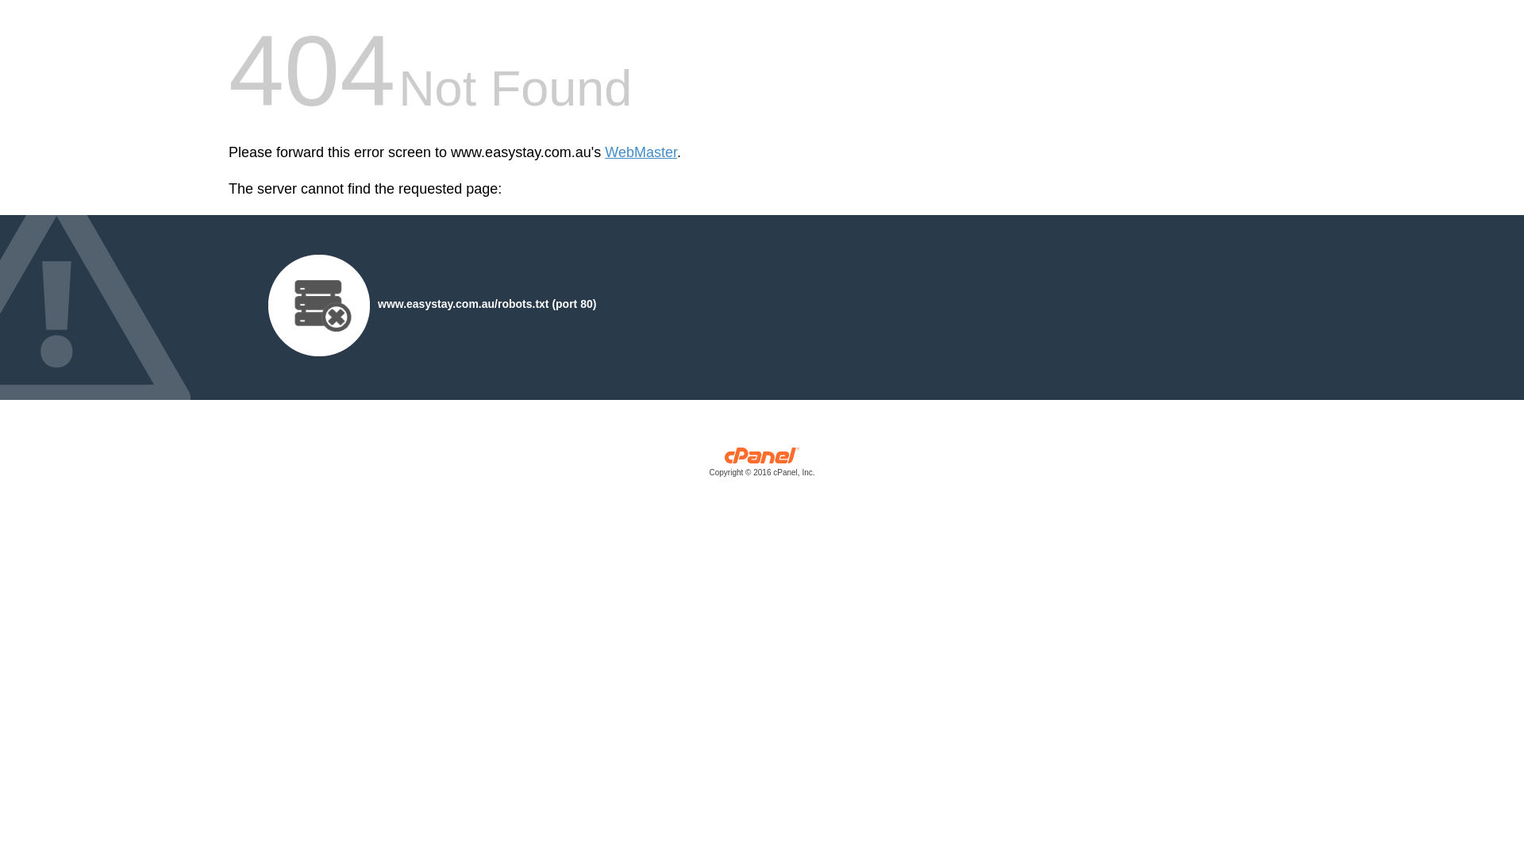 Image resolution: width=1524 pixels, height=857 pixels. What do you see at coordinates (641, 152) in the screenshot?
I see `'WebMaster'` at bounding box center [641, 152].